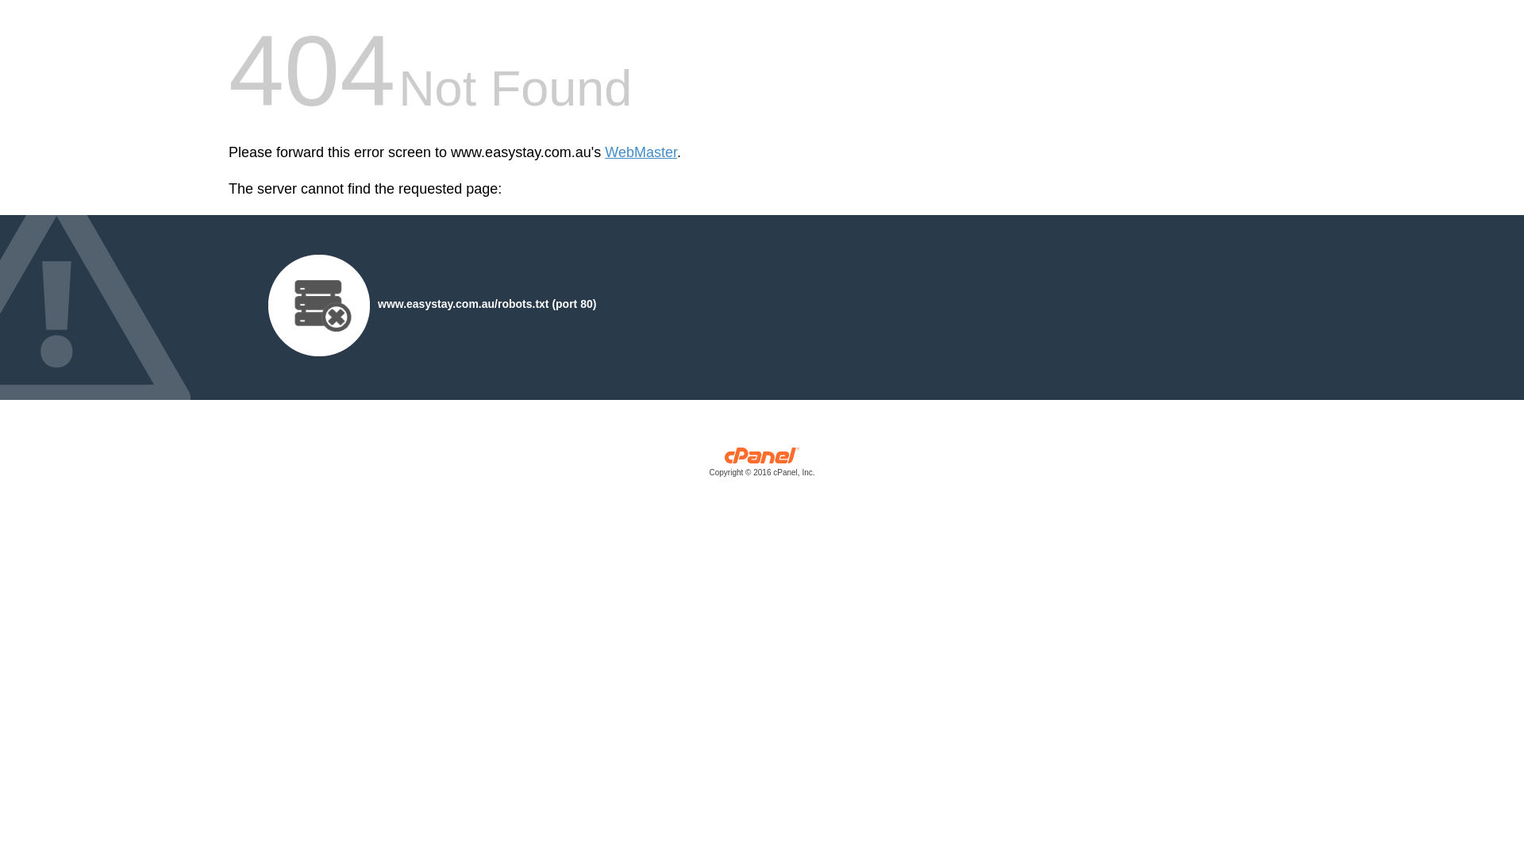 Image resolution: width=1524 pixels, height=857 pixels. What do you see at coordinates (641, 152) in the screenshot?
I see `'WebMaster'` at bounding box center [641, 152].